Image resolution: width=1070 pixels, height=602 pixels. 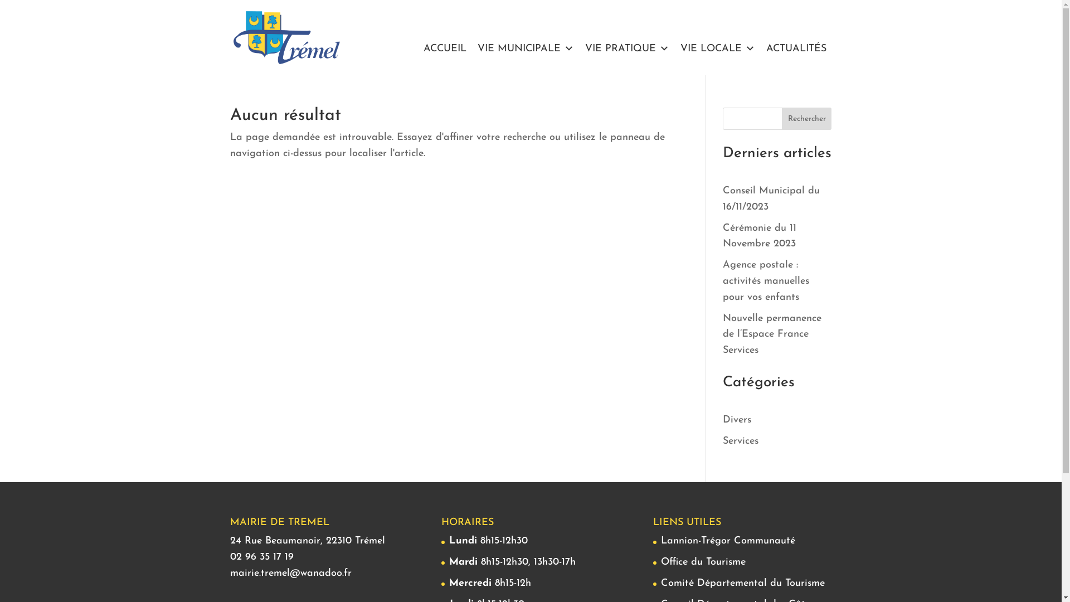 I want to click on 'Divers', so click(x=737, y=420).